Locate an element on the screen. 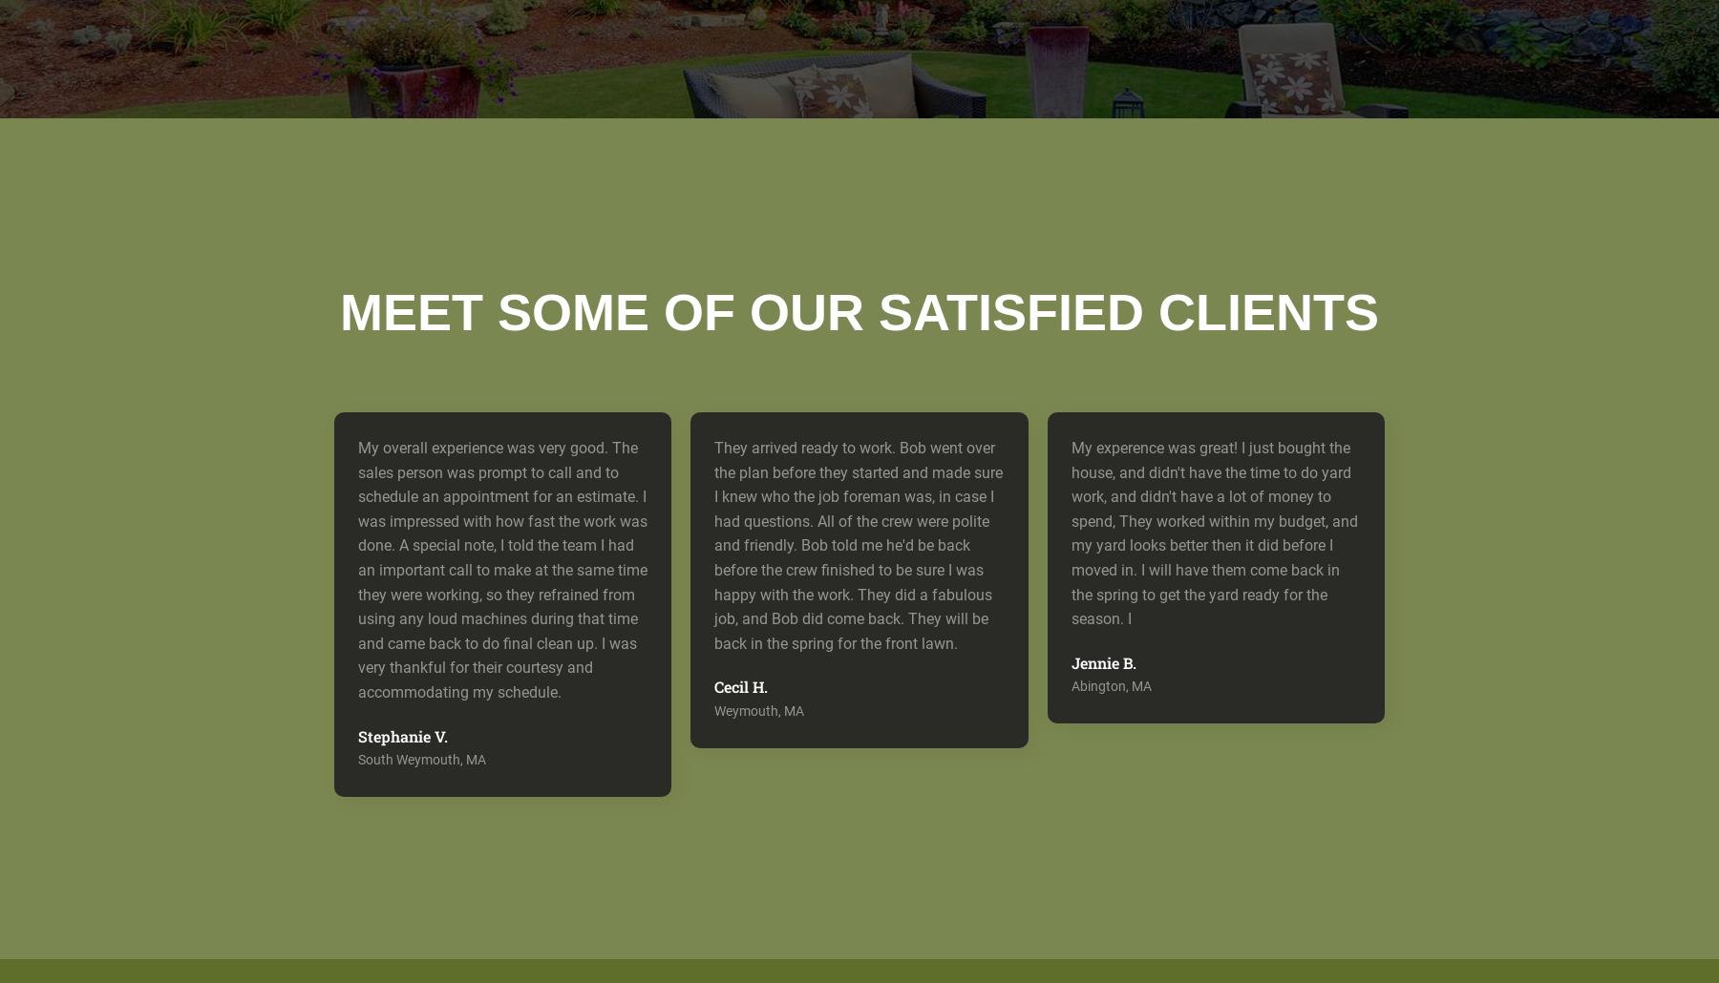  'Jennie B.' is located at coordinates (1102, 661).